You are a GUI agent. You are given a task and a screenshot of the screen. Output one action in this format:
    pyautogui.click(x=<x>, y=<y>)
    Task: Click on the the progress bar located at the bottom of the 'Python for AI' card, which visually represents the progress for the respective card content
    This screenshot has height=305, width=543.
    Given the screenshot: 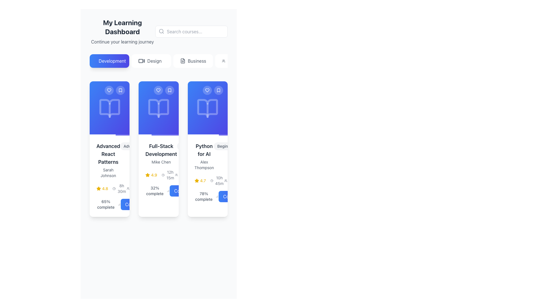 What is the action you would take?
    pyautogui.click(x=207, y=135)
    